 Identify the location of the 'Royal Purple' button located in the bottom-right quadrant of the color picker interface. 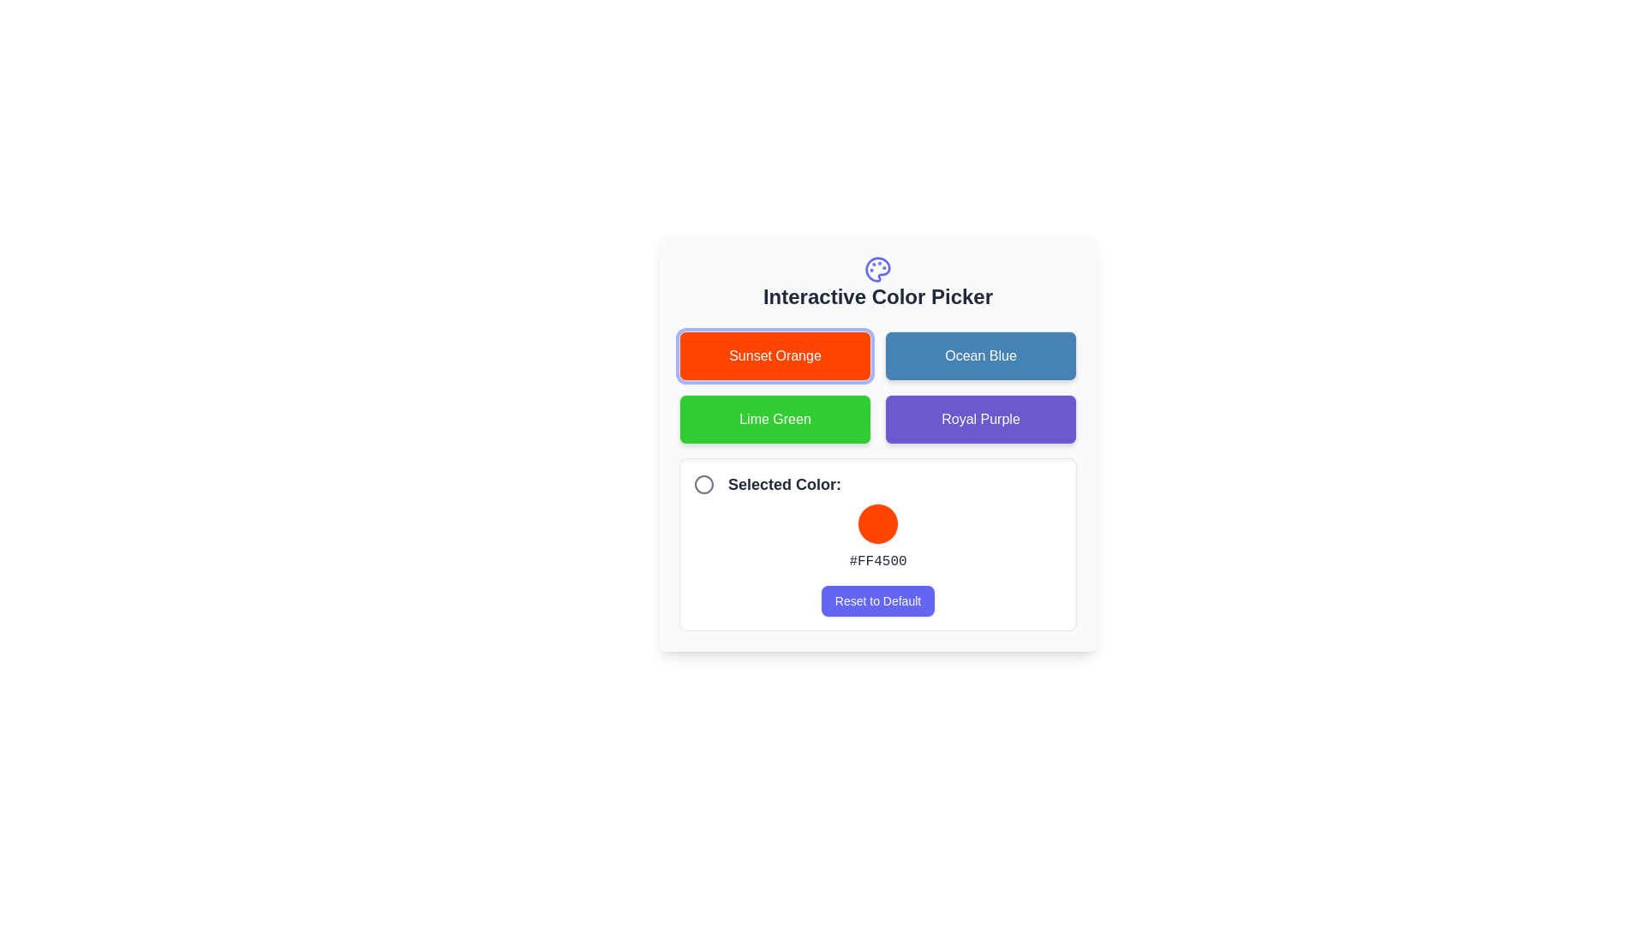
(981, 419).